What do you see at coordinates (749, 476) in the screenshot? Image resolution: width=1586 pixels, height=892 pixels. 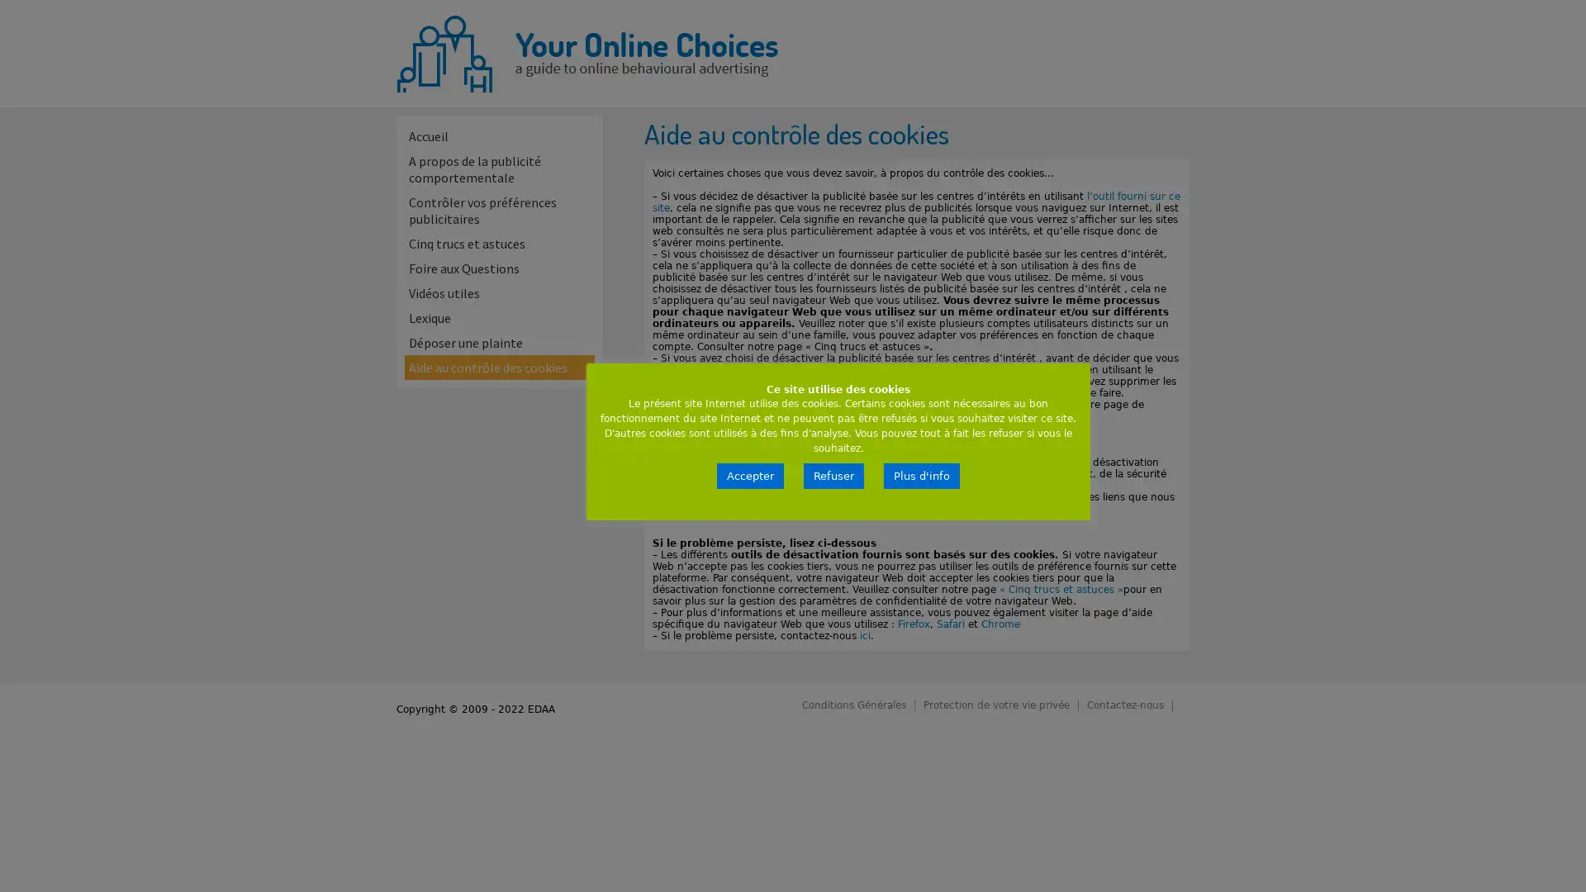 I see `Accepter` at bounding box center [749, 476].